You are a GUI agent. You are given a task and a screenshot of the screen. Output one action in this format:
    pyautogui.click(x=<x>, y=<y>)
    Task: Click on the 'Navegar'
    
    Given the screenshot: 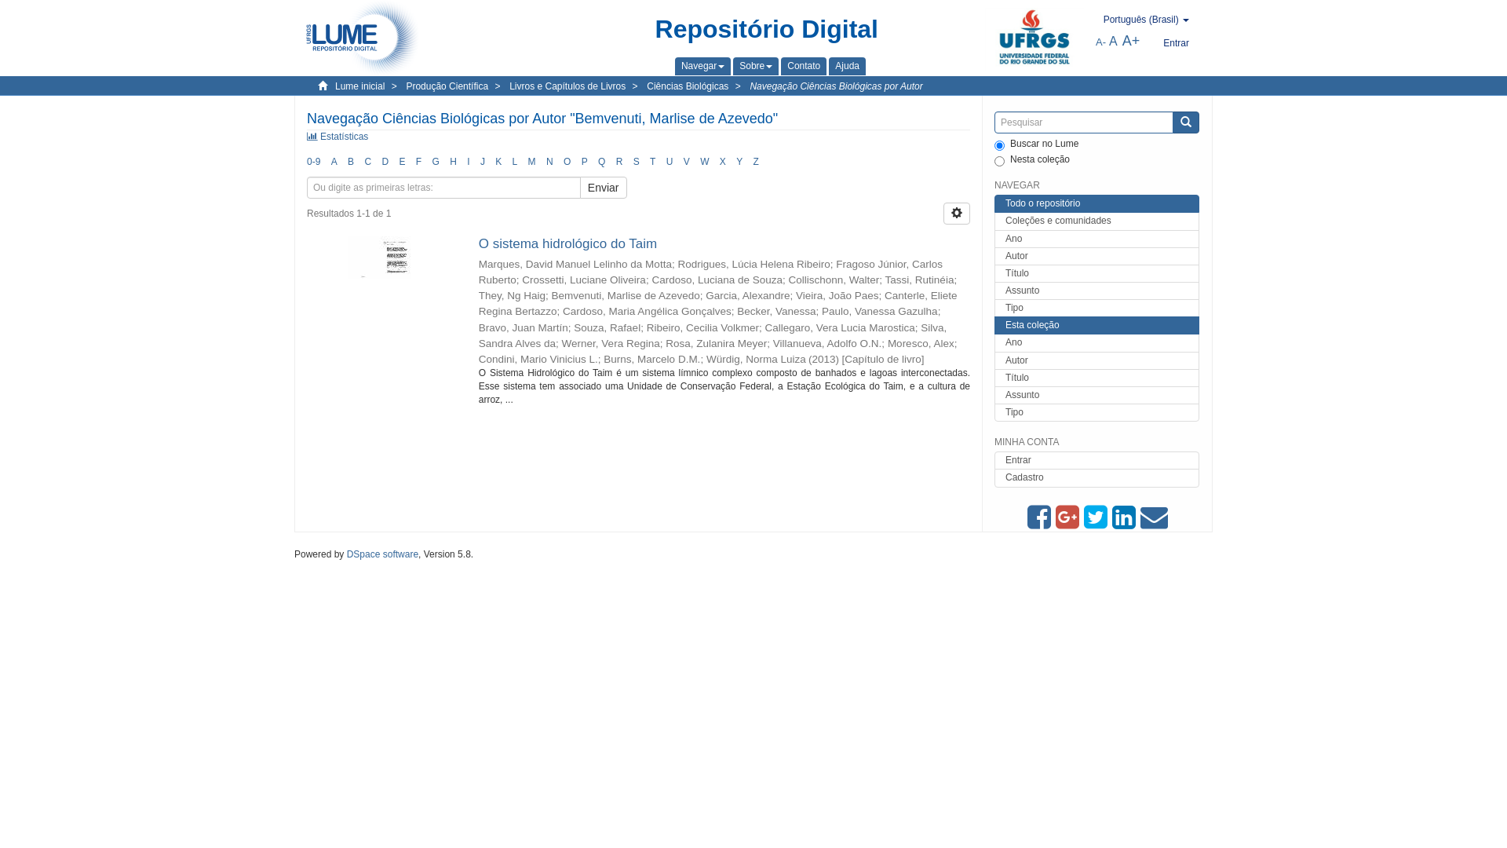 What is the action you would take?
    pyautogui.click(x=681, y=65)
    